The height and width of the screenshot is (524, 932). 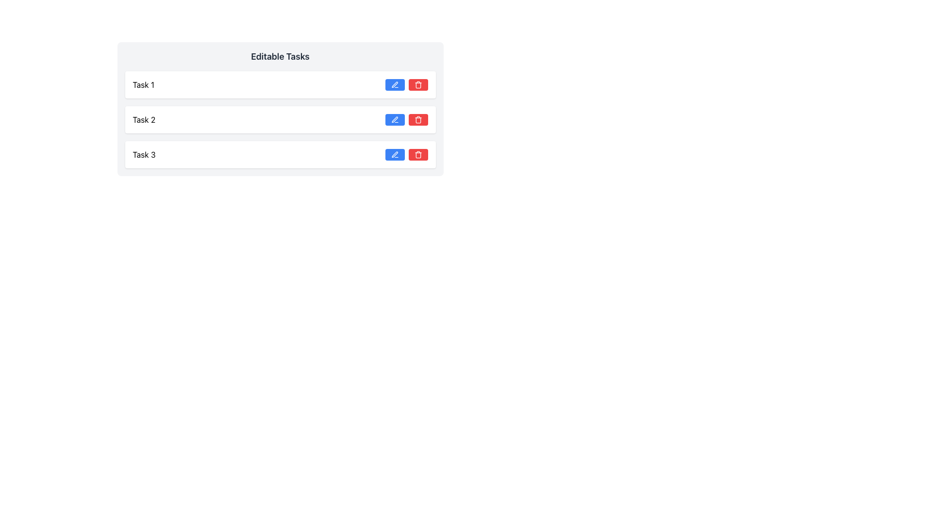 I want to click on the SVG icon button for editing 'Task 3' to initiate the task editing interface, so click(x=395, y=154).